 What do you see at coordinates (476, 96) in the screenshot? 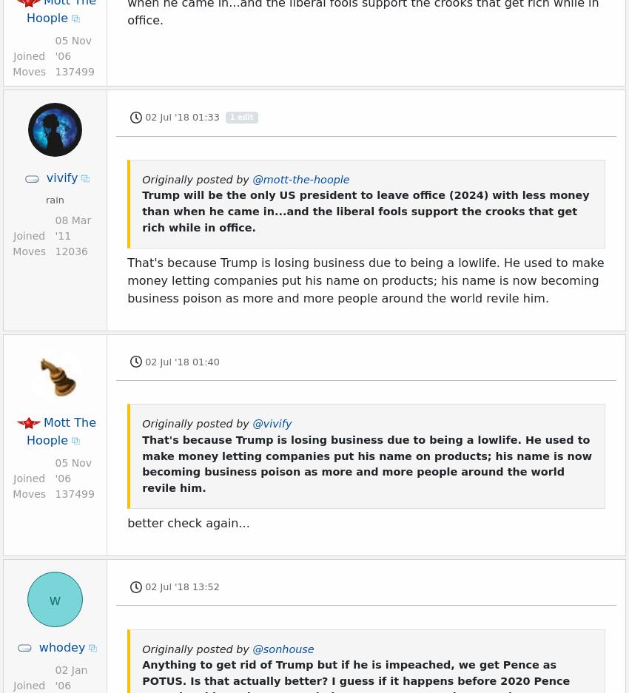
I see `'Contact'` at bounding box center [476, 96].